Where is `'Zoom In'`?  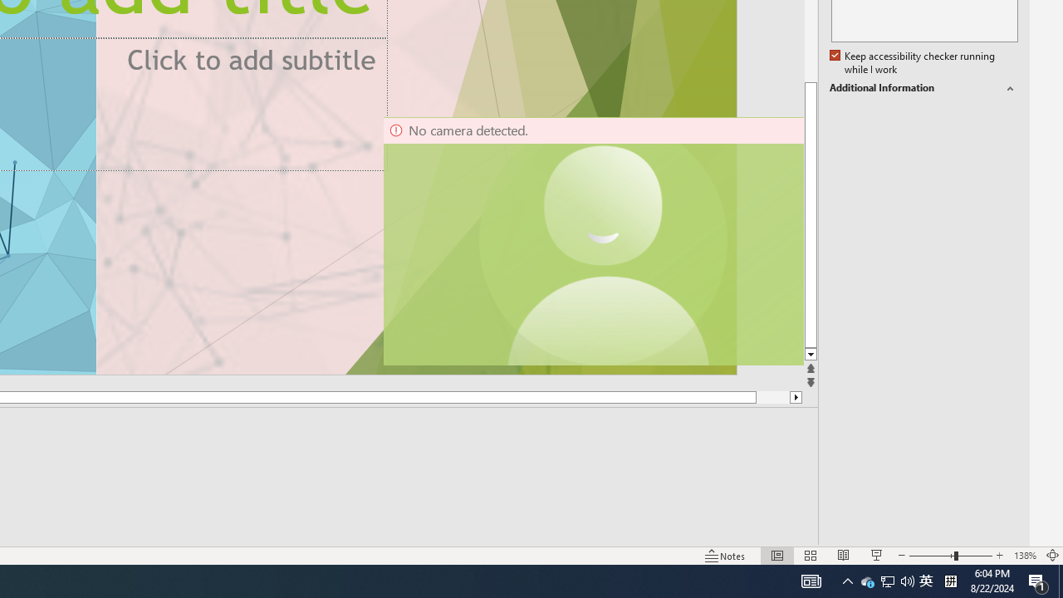
'Zoom In' is located at coordinates (999, 556).